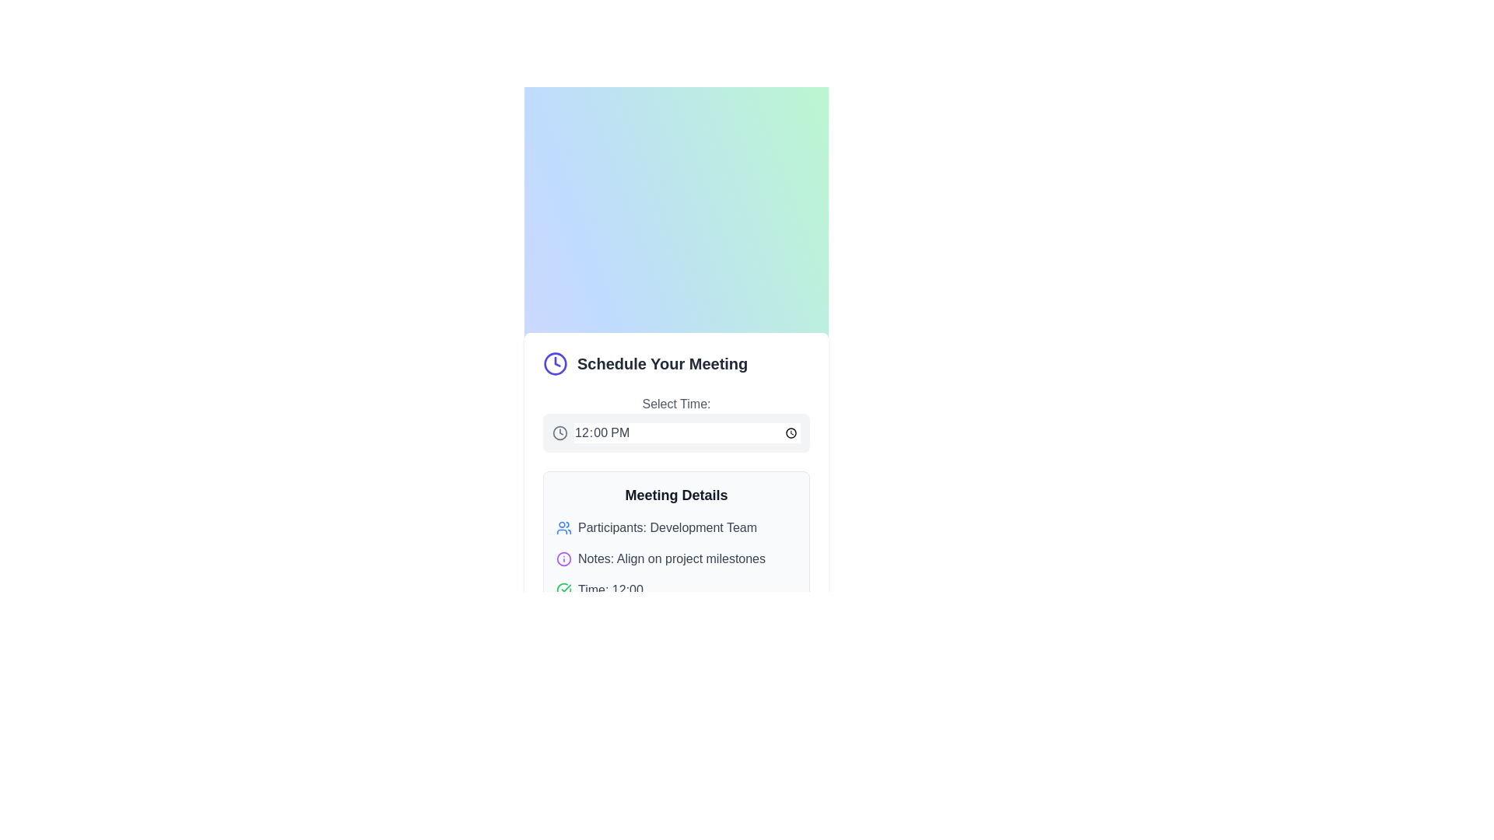 This screenshot has height=840, width=1494. Describe the element at coordinates (672, 558) in the screenshot. I see `the static text element that reads 'Notes: Align on project milestones', which is located in the 'Meeting Details' section and is styled plainly in dark gray color` at that location.